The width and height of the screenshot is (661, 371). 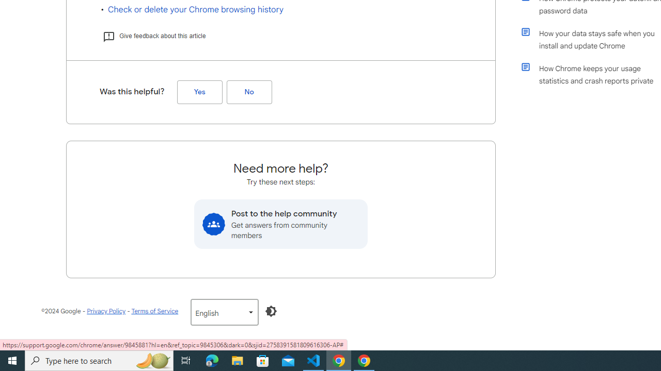 I want to click on 'Terms of Service', so click(x=154, y=310).